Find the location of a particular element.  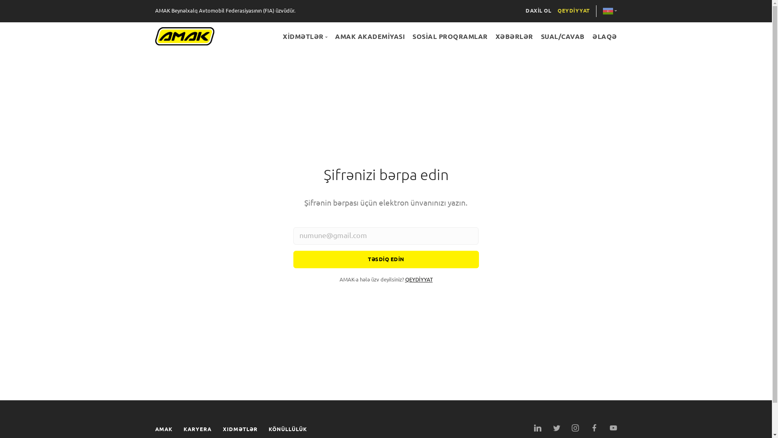

'AMAK' is located at coordinates (155, 429).